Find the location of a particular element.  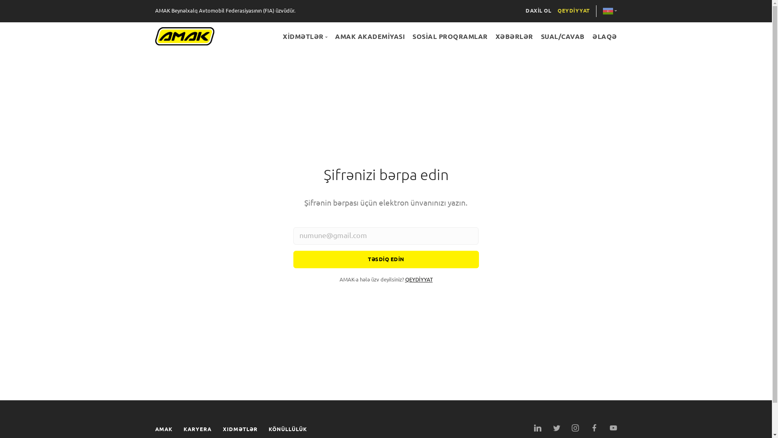

'AMAK' is located at coordinates (155, 429).